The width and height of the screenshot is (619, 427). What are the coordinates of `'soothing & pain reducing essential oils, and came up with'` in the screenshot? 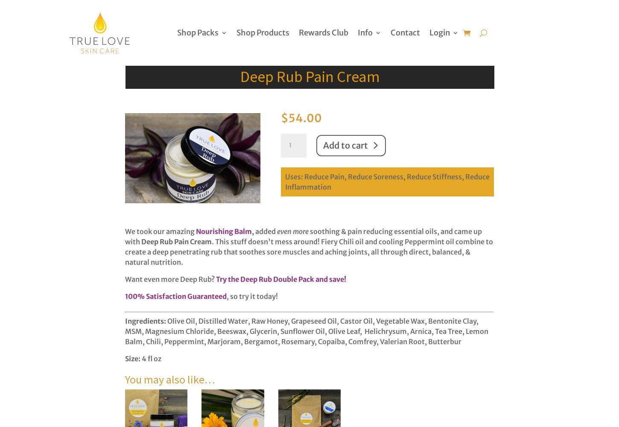 It's located at (303, 237).